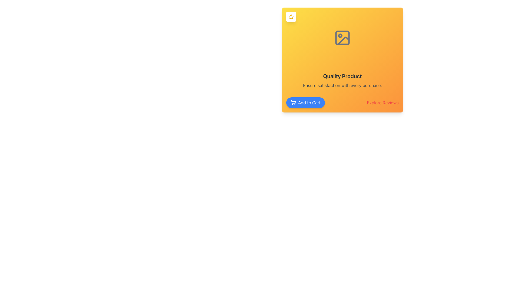 The height and width of the screenshot is (292, 519). I want to click on the 'Explore Reviews' button, which is styled with red text on an orange background, located in the lower-right corner of the card, so click(382, 103).